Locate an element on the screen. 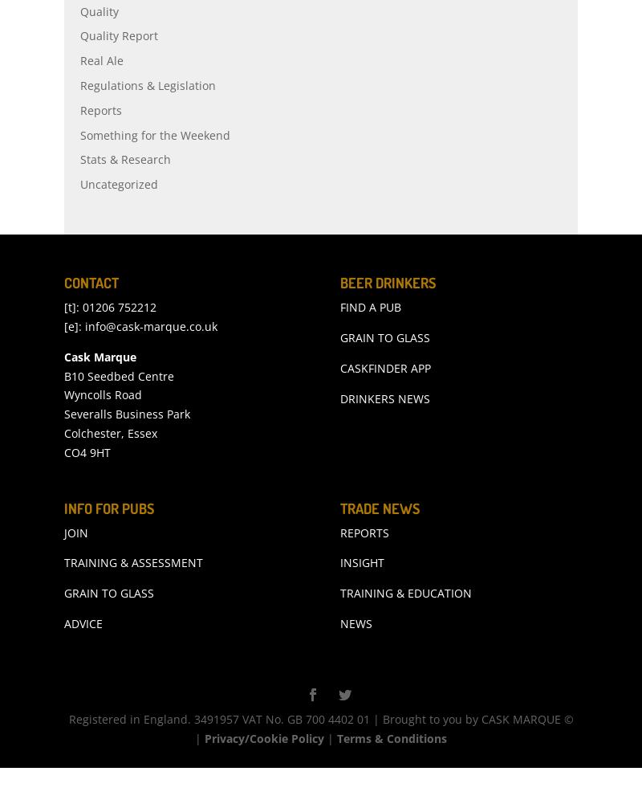 This screenshot has height=804, width=642. 'Regulations & Legislation' is located at coordinates (147, 120).